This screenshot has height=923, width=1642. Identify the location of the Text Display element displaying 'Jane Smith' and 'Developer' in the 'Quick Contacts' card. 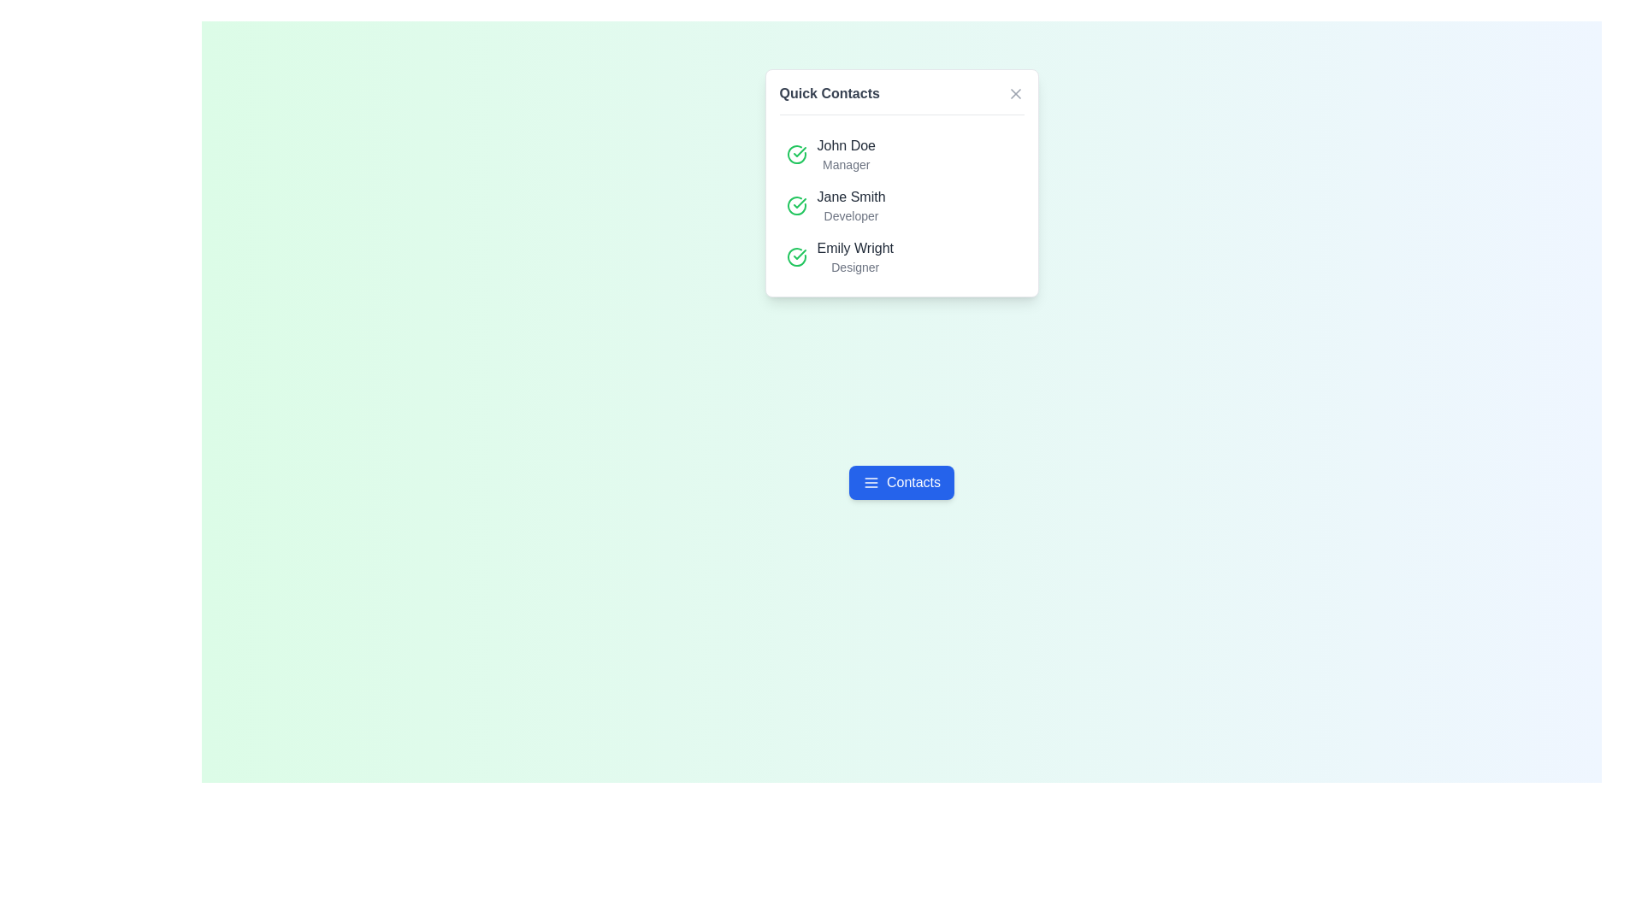
(851, 204).